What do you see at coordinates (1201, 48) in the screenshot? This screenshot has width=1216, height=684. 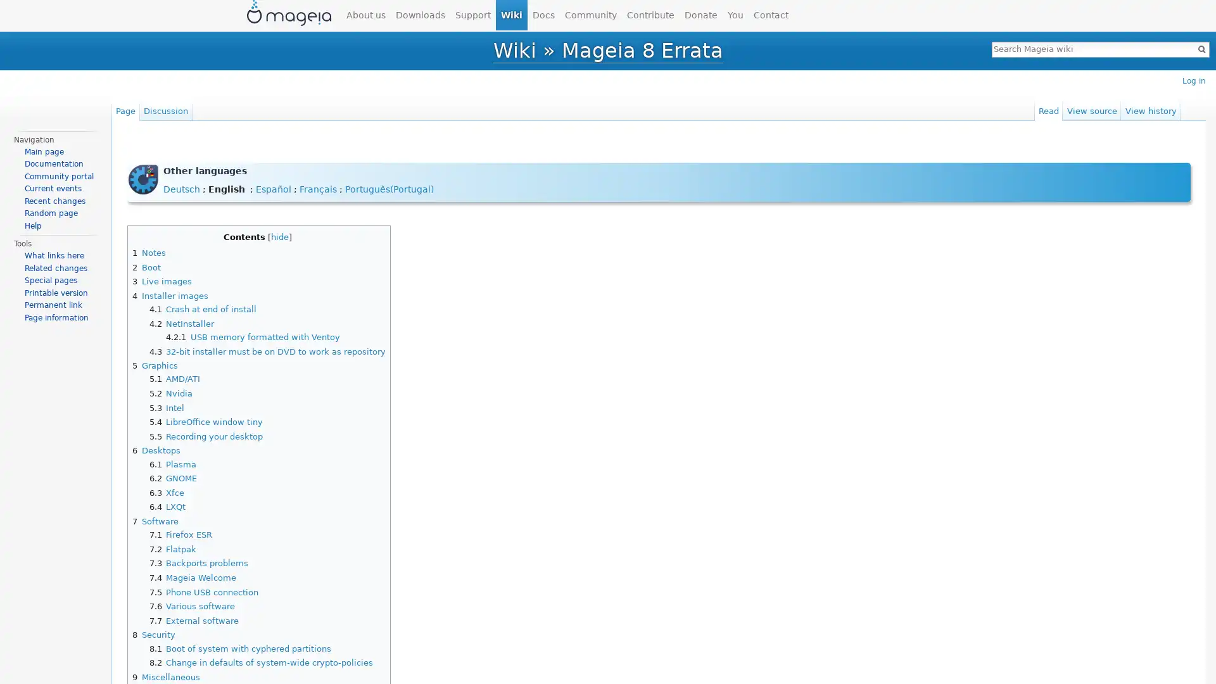 I see `Go` at bounding box center [1201, 48].